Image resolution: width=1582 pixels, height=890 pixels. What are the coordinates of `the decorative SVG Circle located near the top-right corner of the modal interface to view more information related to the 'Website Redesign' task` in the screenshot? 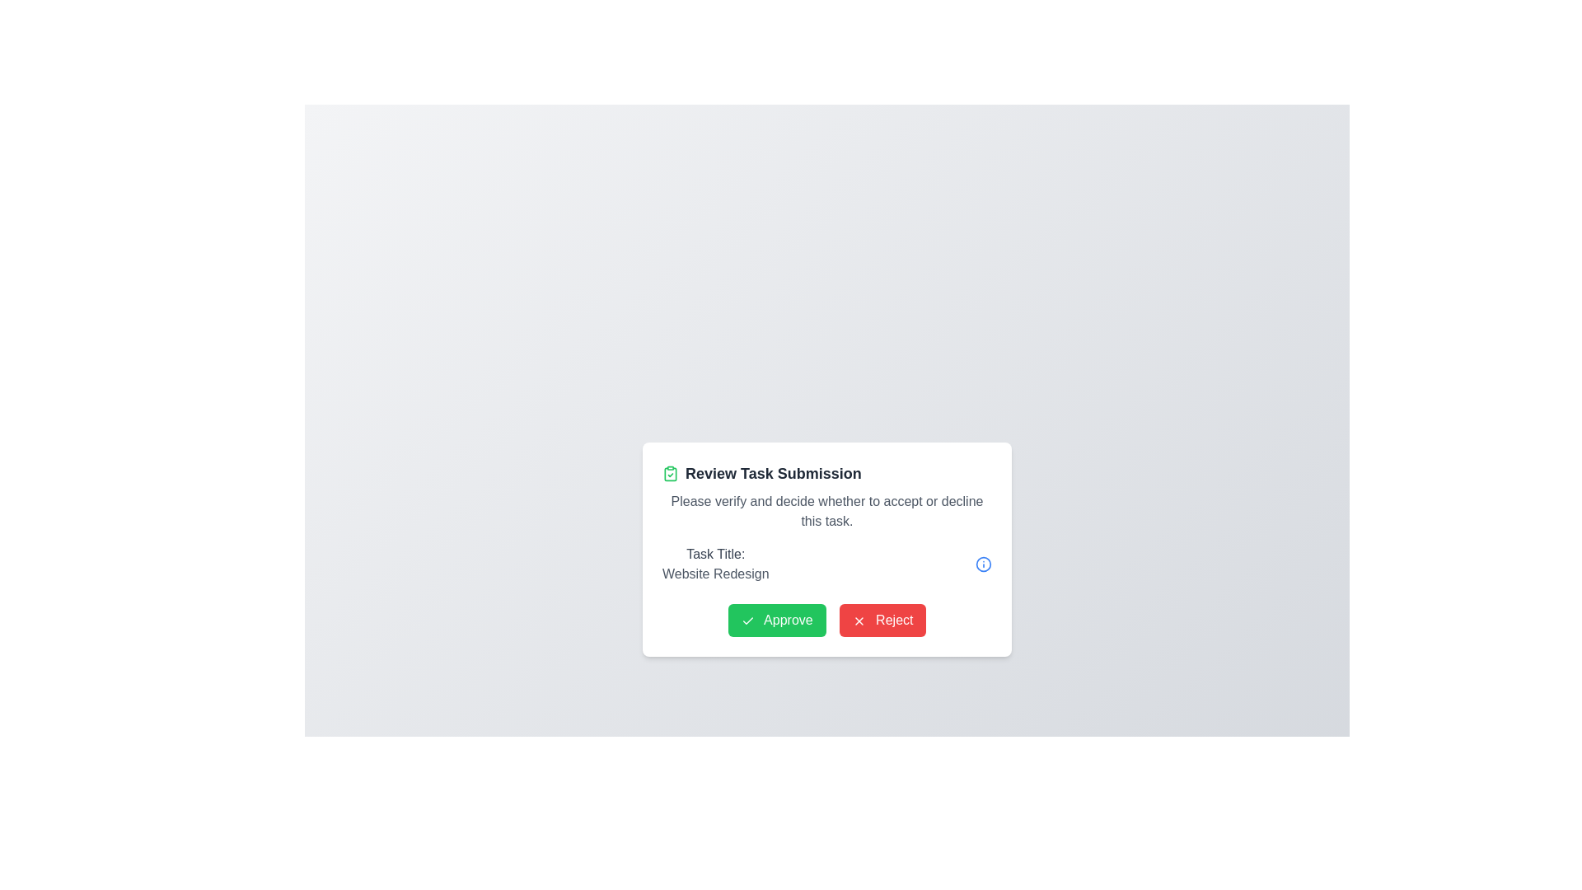 It's located at (984, 564).